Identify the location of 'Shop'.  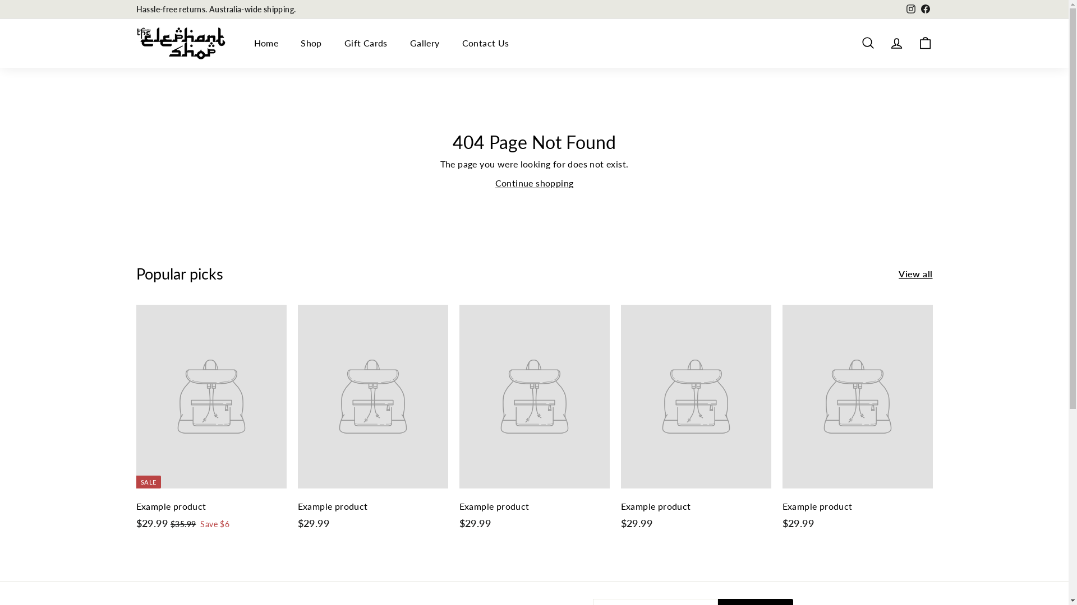
(311, 43).